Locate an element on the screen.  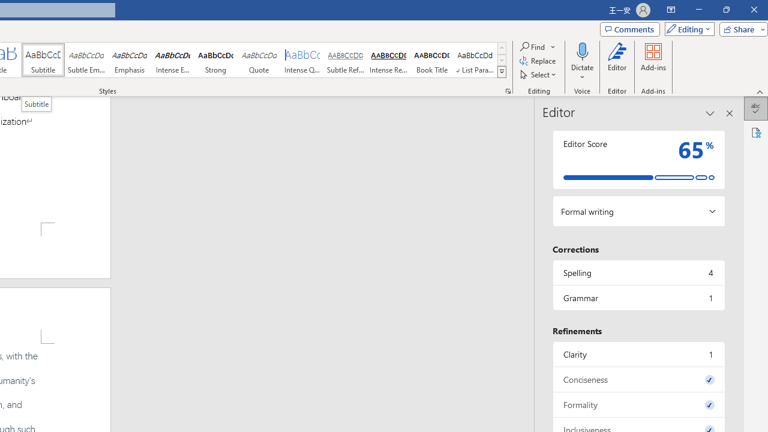
'Subtitle' is located at coordinates (43, 60).